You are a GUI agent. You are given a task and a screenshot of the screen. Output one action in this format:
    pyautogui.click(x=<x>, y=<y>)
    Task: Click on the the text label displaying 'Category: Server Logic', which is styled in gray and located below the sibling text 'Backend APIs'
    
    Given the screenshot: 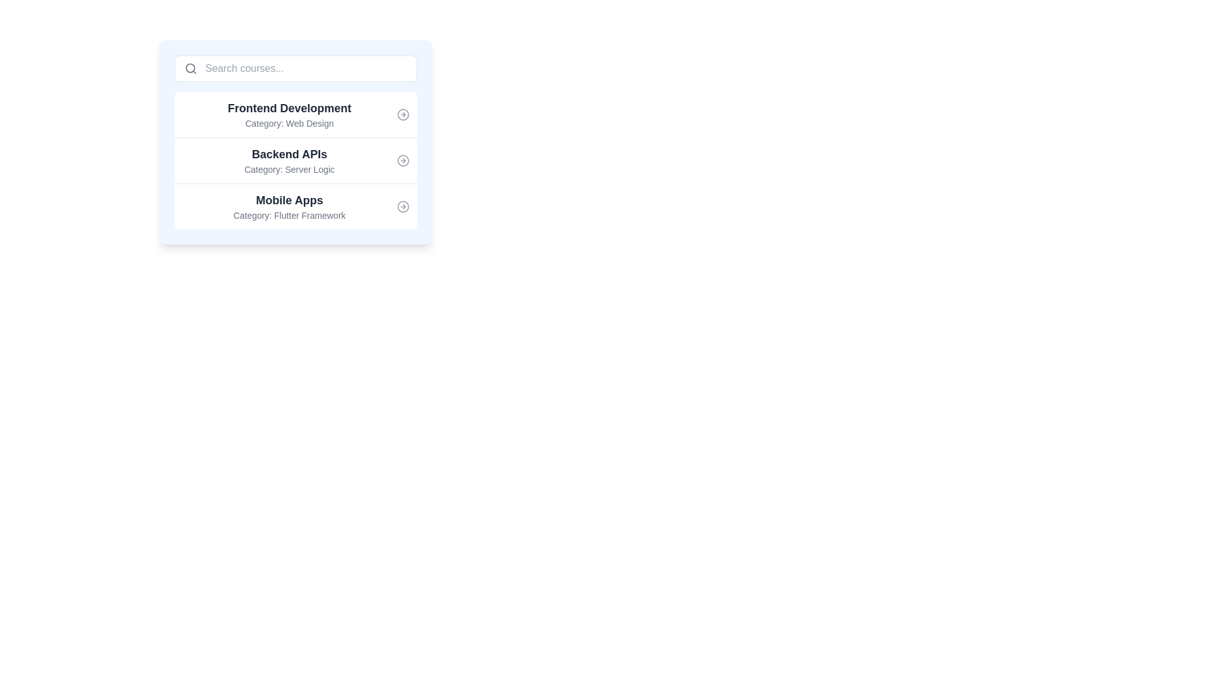 What is the action you would take?
    pyautogui.click(x=289, y=169)
    